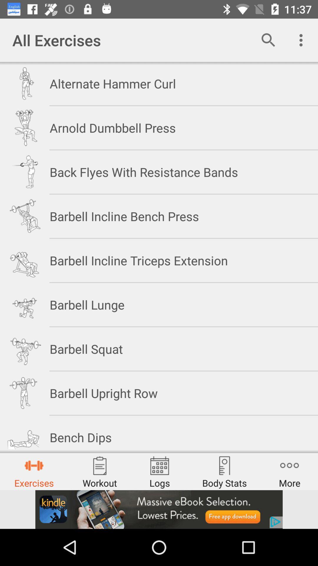 The height and width of the screenshot is (566, 318). Describe the element at coordinates (159, 509) in the screenshot. I see `advisement` at that location.